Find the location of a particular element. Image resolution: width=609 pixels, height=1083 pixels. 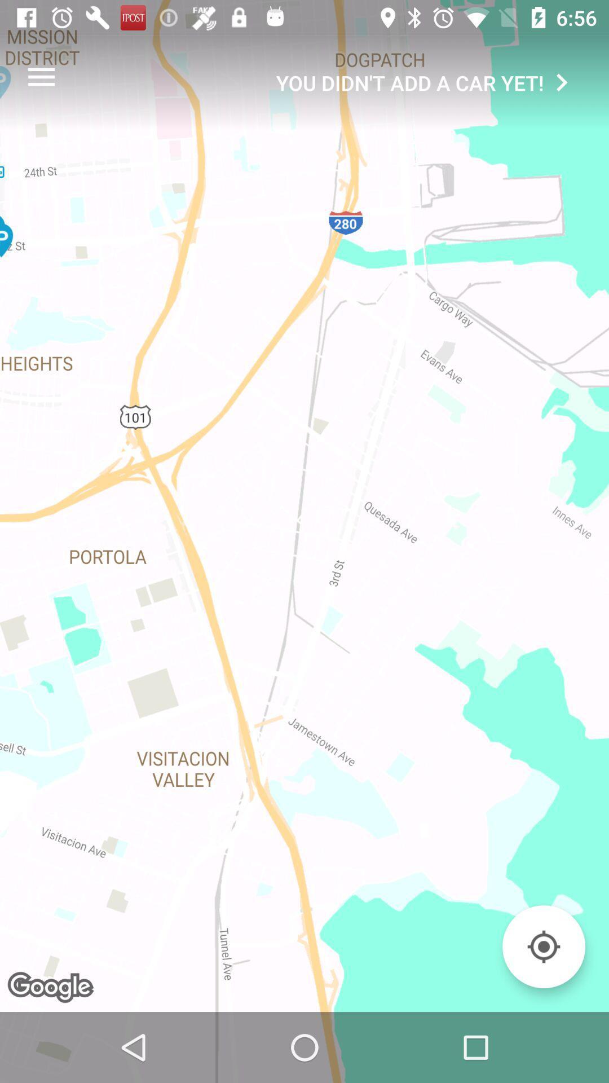

the menu icon is located at coordinates (41, 76).